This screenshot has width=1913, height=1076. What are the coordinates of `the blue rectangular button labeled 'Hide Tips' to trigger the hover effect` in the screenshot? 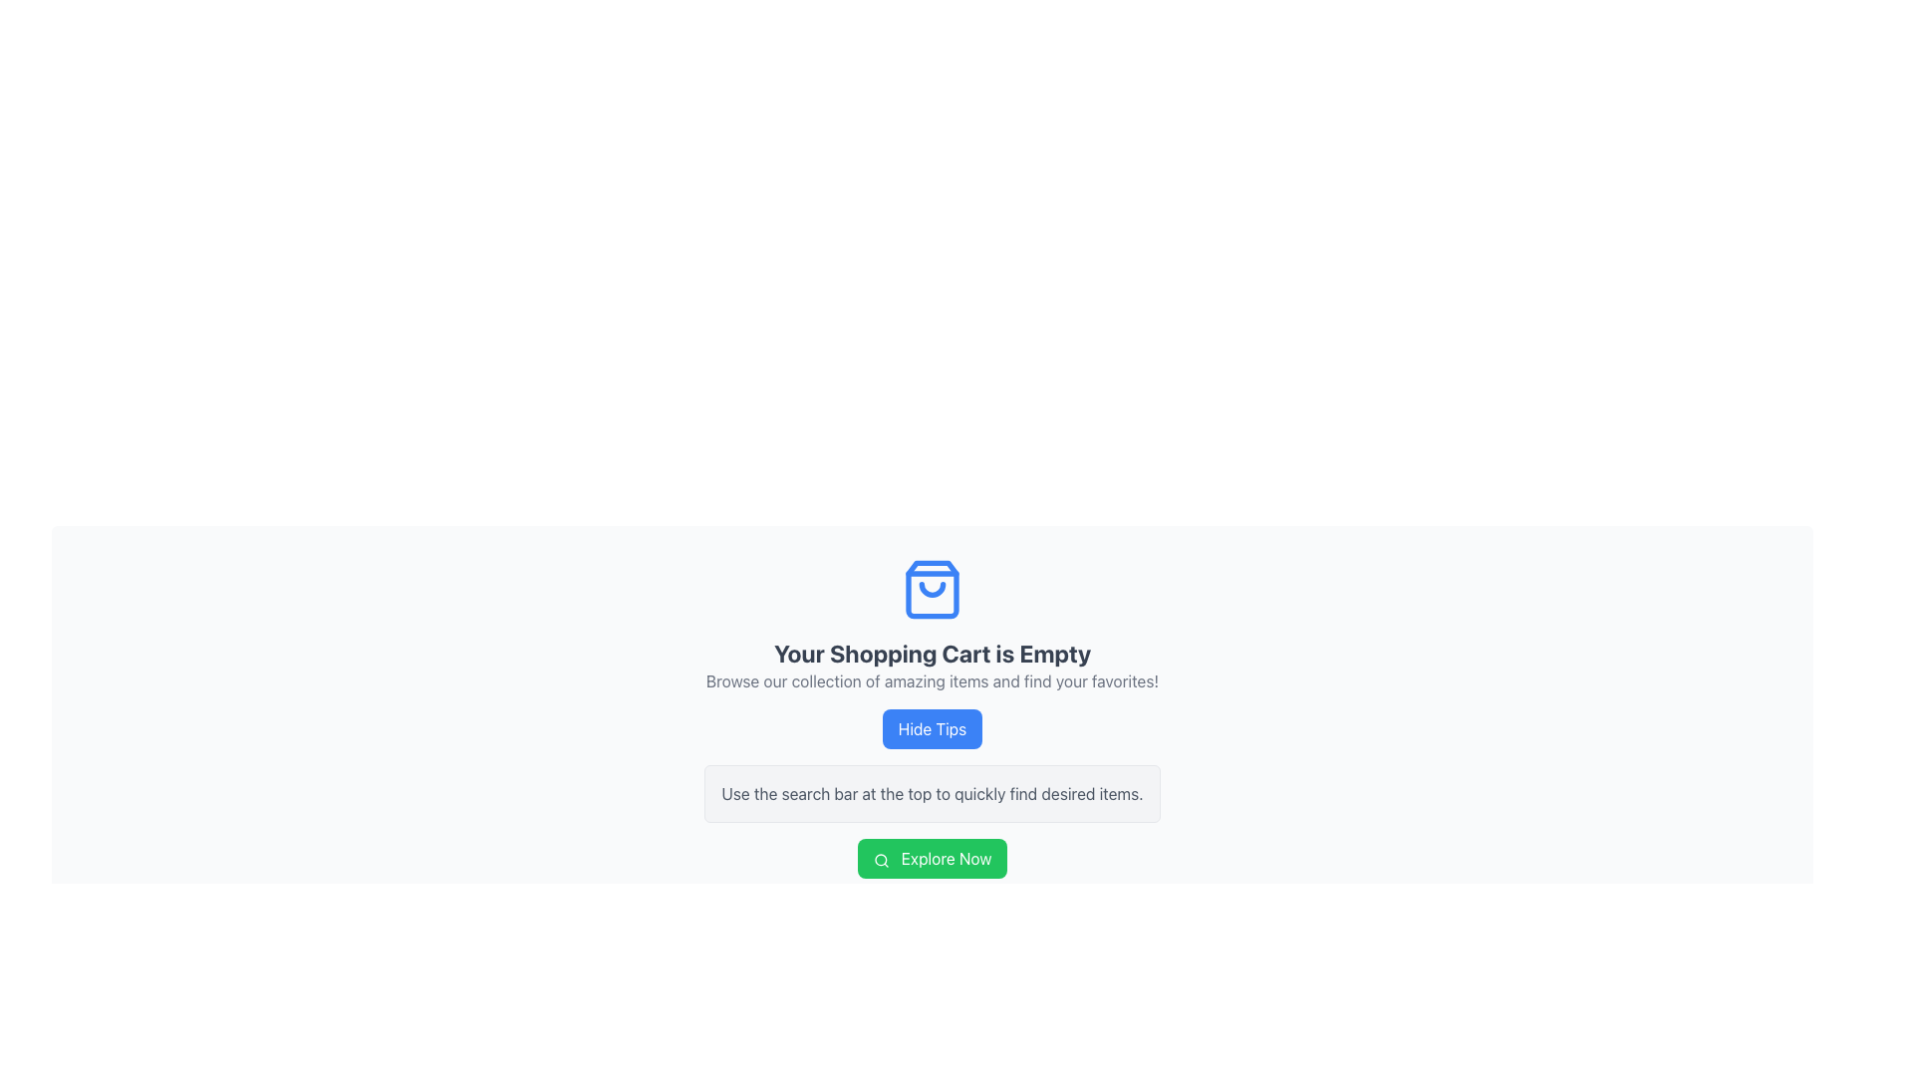 It's located at (932, 729).